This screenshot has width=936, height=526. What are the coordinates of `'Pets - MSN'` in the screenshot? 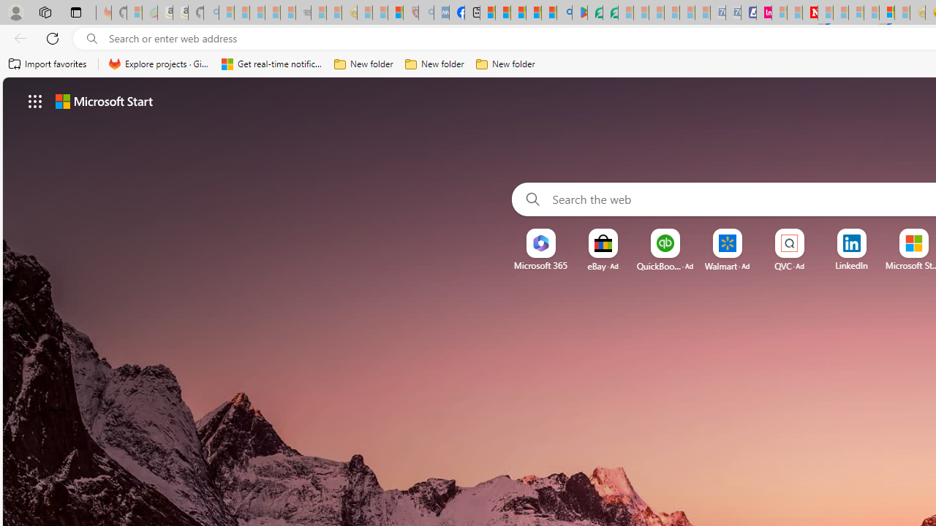 It's located at (532, 12).